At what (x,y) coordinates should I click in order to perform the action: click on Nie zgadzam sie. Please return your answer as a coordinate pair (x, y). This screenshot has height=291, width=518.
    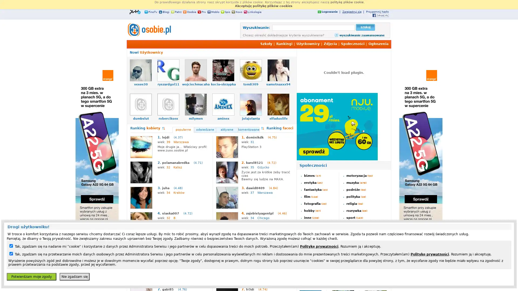
    Looking at the image, I should click on (74, 276).